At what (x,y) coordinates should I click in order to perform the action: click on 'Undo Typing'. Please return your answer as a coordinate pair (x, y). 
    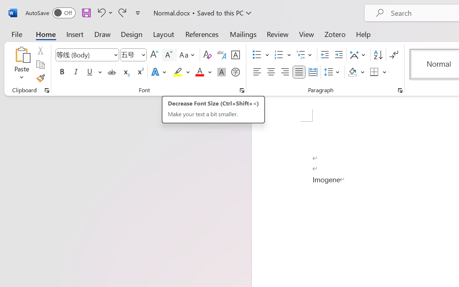
    Looking at the image, I should click on (104, 12).